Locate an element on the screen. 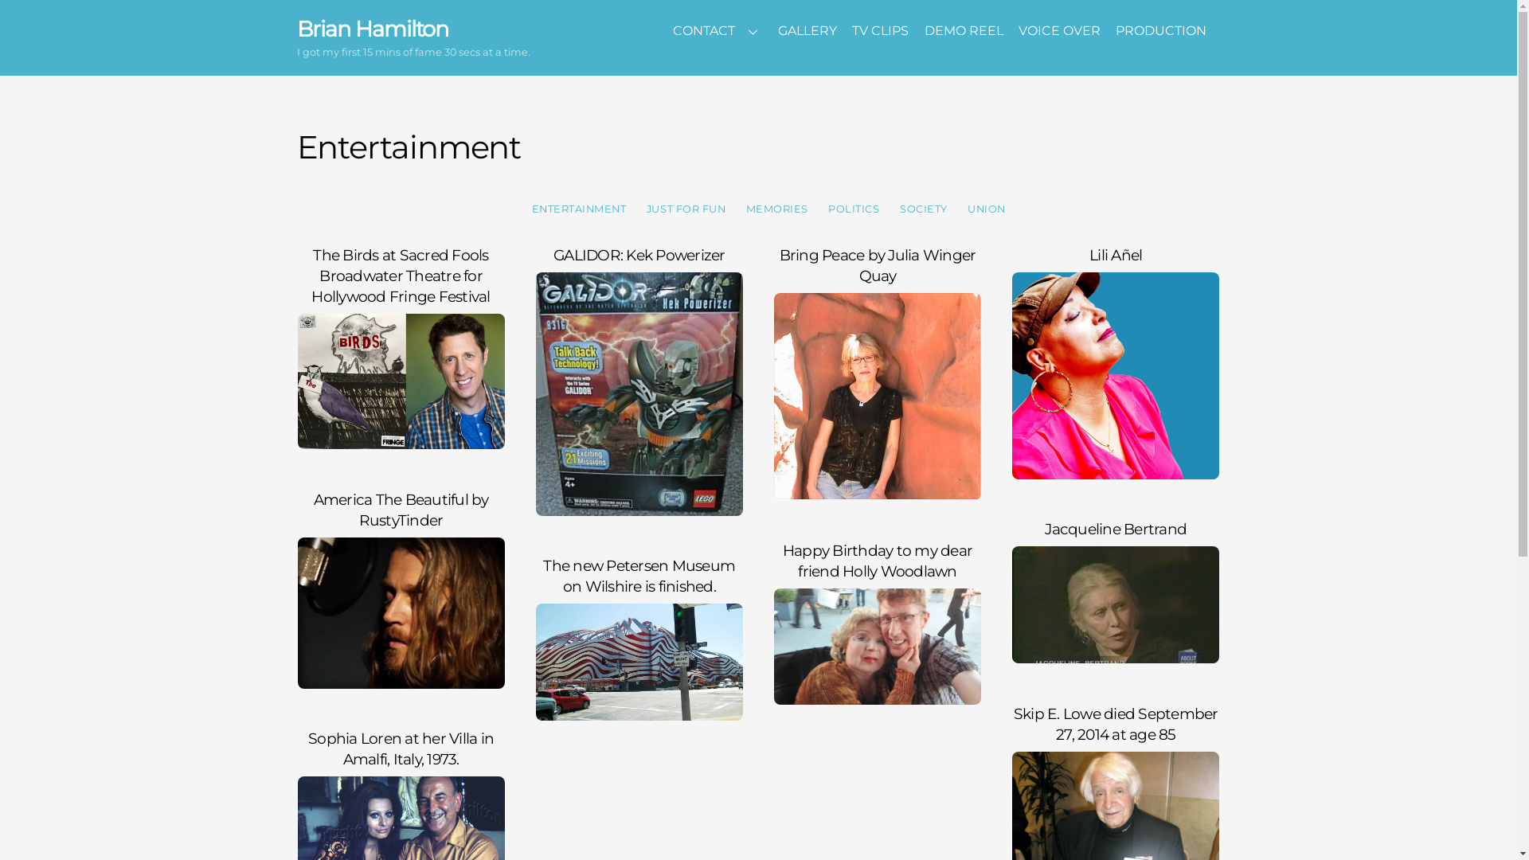 The height and width of the screenshot is (860, 1529). 'CONTACT' is located at coordinates (717, 30).